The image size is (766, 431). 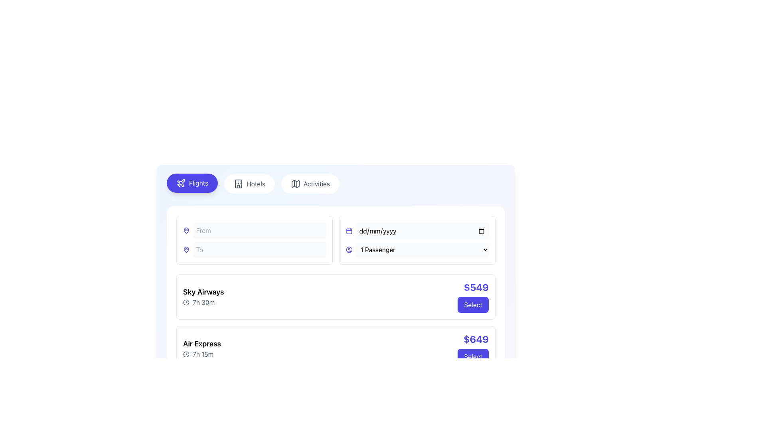 What do you see at coordinates (186, 249) in the screenshot?
I see `the indigo map pin icon located at the top-left of the interface, which is part of a flex layout and precedes the 'To' text input field` at bounding box center [186, 249].